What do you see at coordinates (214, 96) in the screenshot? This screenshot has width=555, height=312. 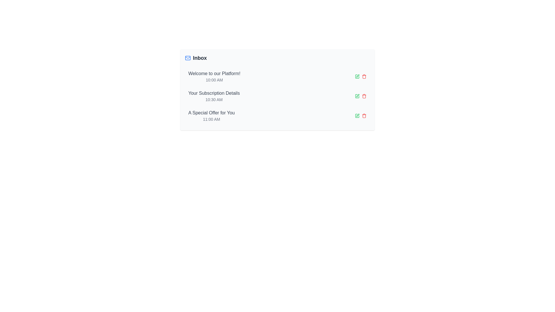 I see `on the middle list item in the Inbox section that contains subscription-related details and a timestamp` at bounding box center [214, 96].